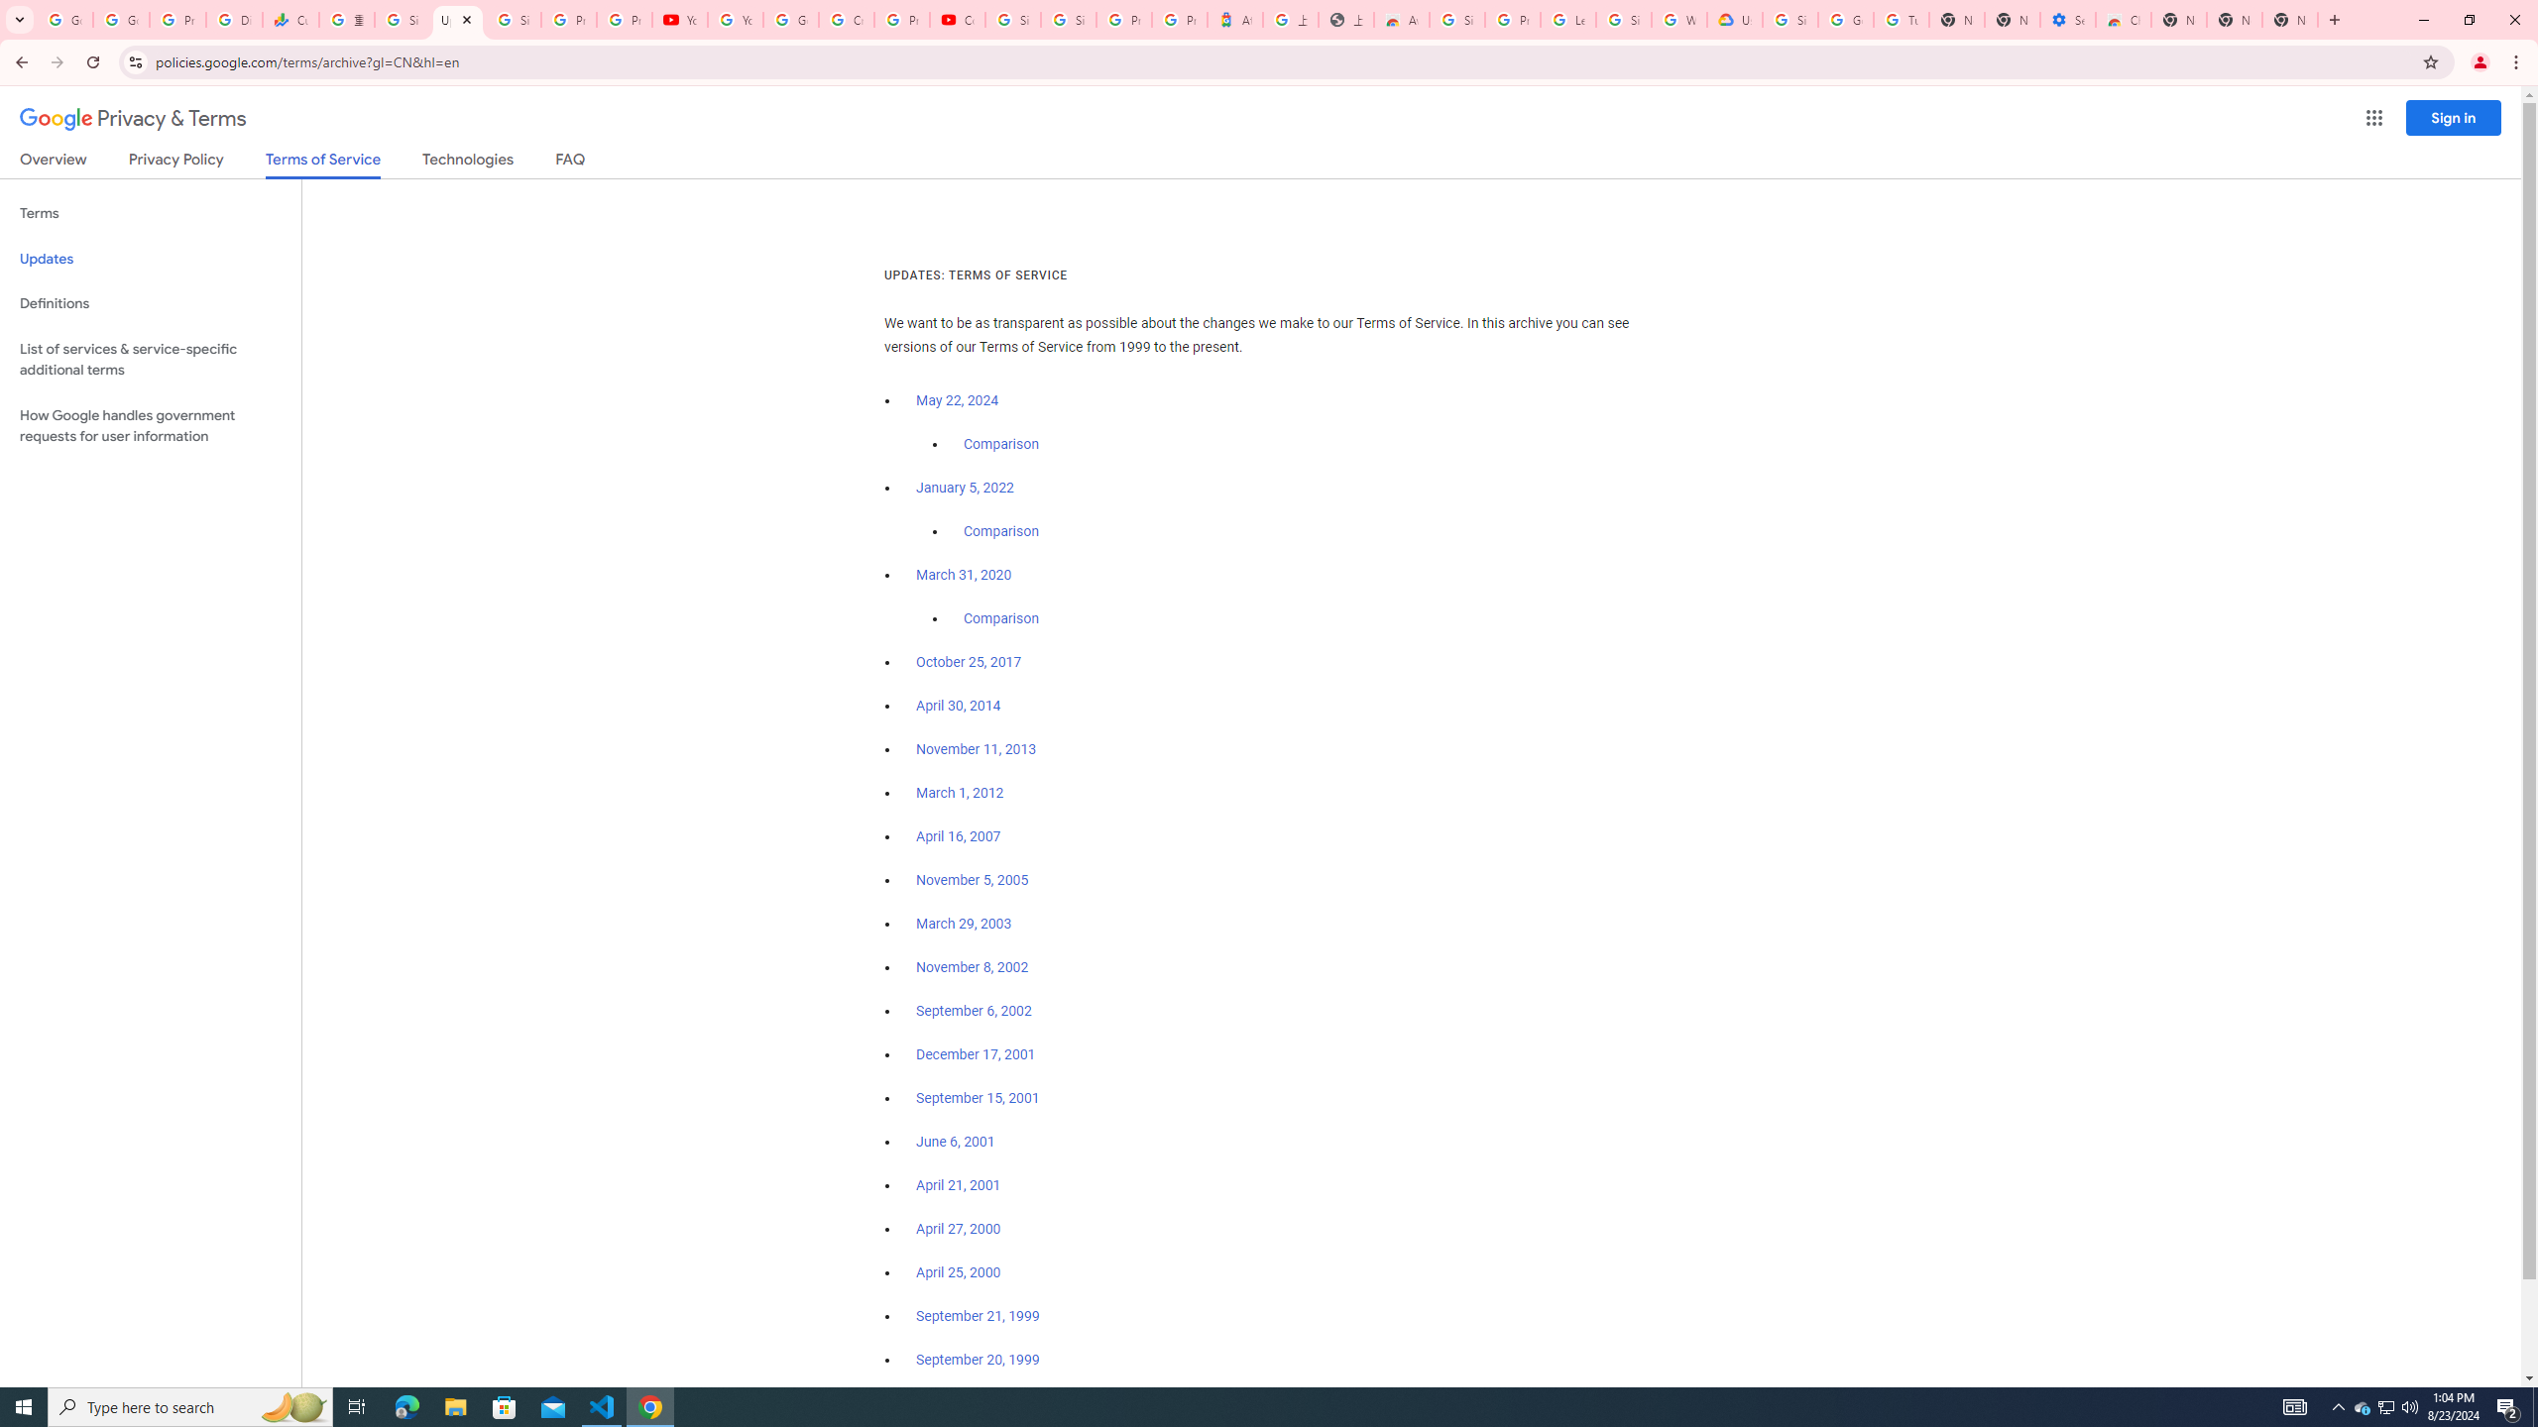 This screenshot has height=1427, width=2538. Describe the element at coordinates (679, 19) in the screenshot. I see `'YouTube'` at that location.